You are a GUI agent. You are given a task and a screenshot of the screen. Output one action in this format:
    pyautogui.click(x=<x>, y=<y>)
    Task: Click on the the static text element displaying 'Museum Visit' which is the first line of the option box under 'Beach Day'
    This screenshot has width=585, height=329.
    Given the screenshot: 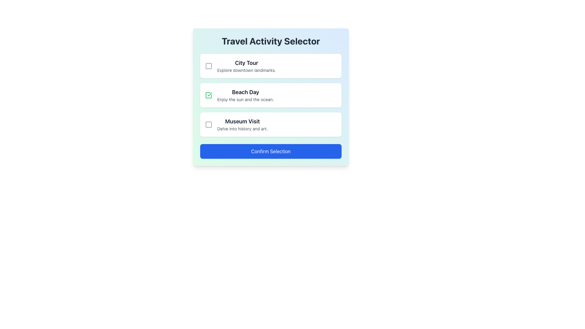 What is the action you would take?
    pyautogui.click(x=242, y=121)
    